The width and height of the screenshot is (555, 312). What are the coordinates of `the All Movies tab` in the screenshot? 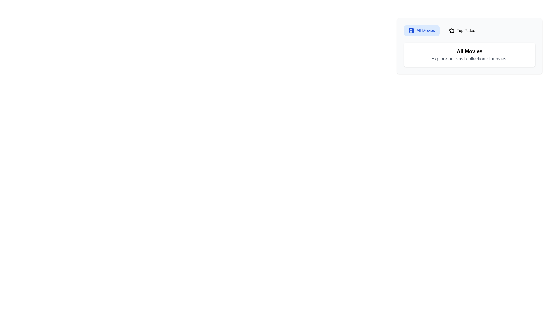 It's located at (421, 30).